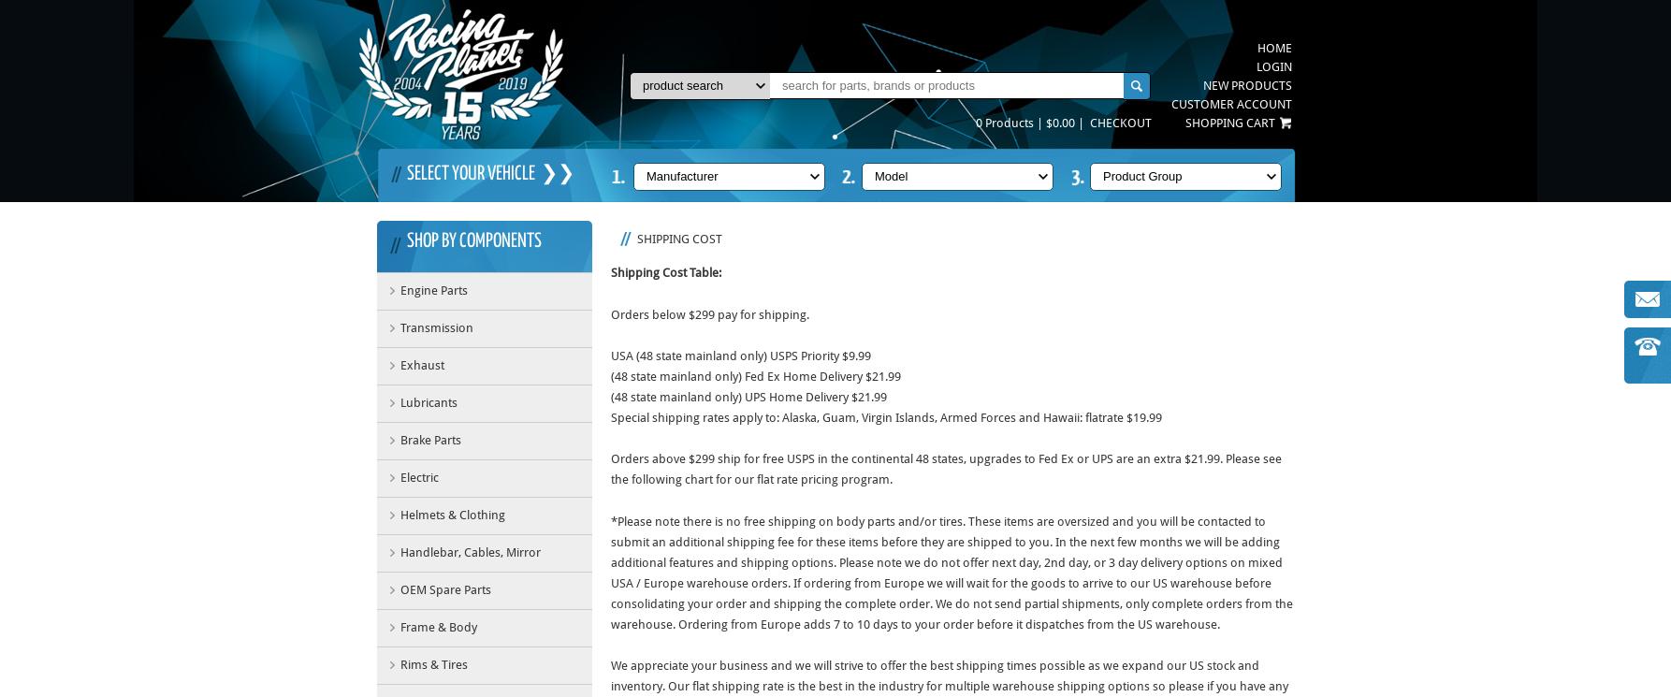  What do you see at coordinates (666, 272) in the screenshot?
I see `'Shipping Cost Table:'` at bounding box center [666, 272].